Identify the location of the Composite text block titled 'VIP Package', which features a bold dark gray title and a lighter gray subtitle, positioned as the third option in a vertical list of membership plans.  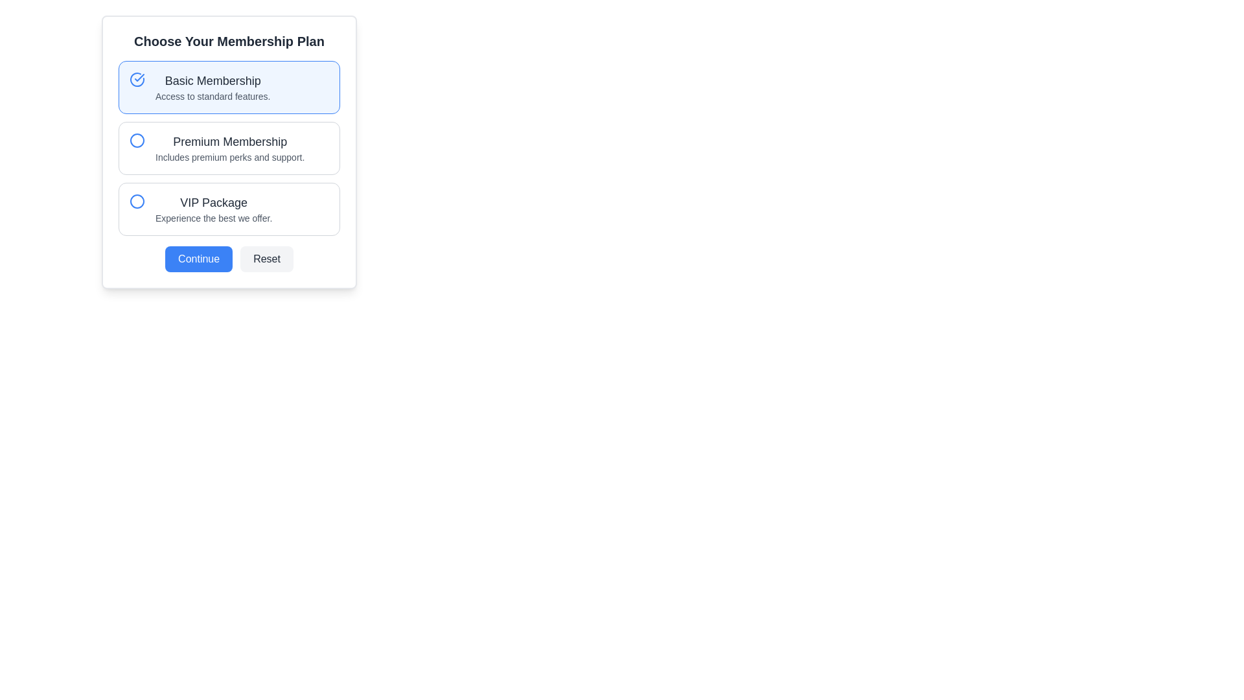
(214, 209).